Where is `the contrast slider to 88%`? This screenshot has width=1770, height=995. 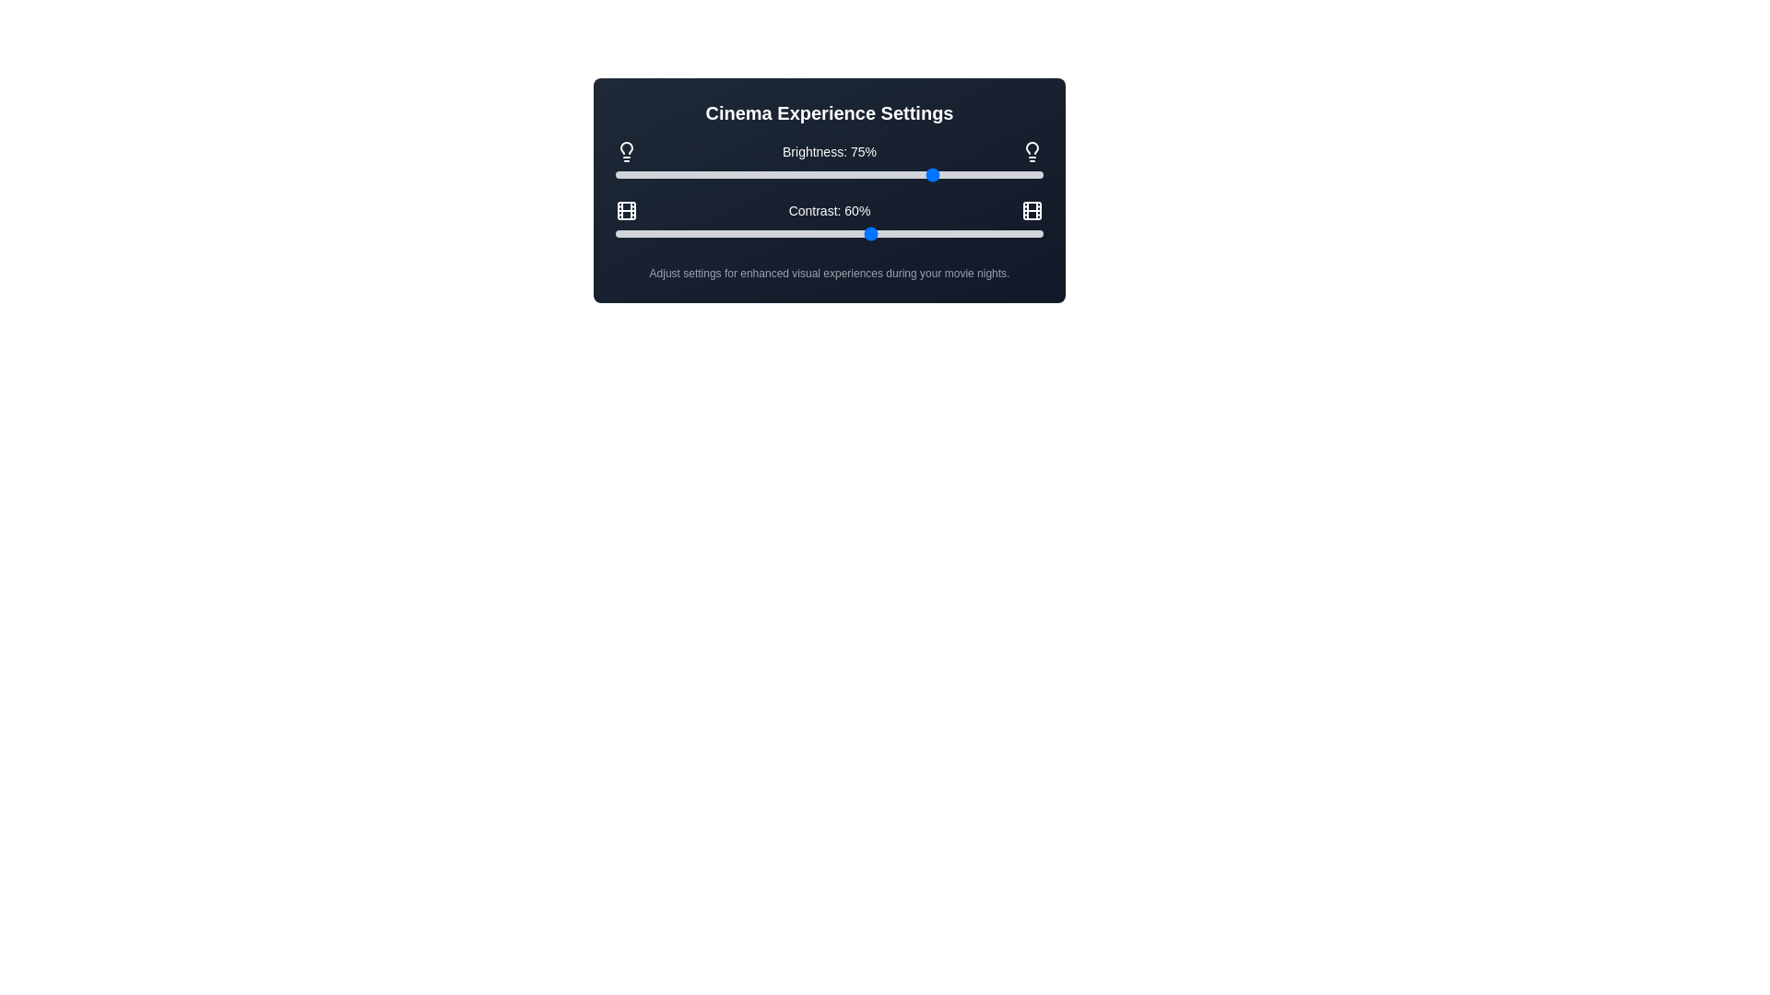
the contrast slider to 88% is located at coordinates (991, 233).